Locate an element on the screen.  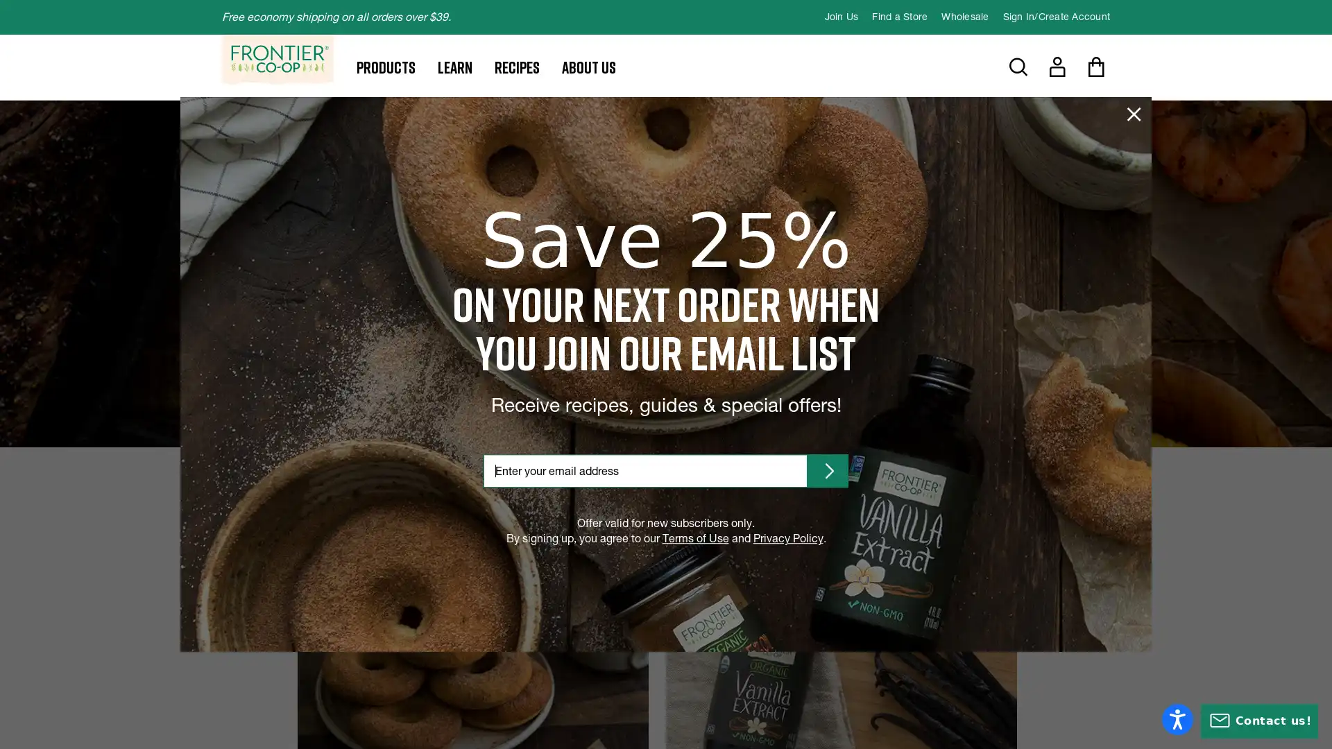
Recipes is located at coordinates (516, 67).